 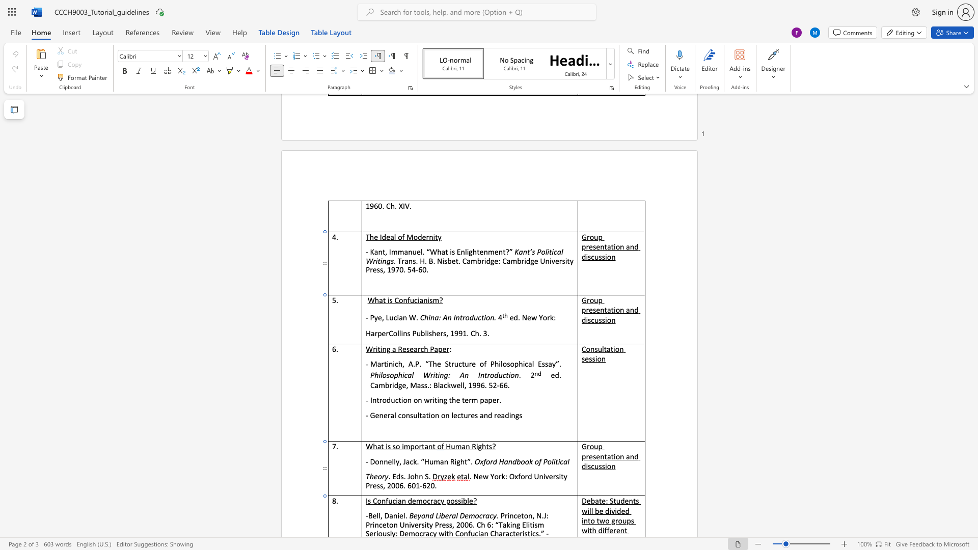 What do you see at coordinates (416, 299) in the screenshot?
I see `the 1th character "c" in the text` at bounding box center [416, 299].